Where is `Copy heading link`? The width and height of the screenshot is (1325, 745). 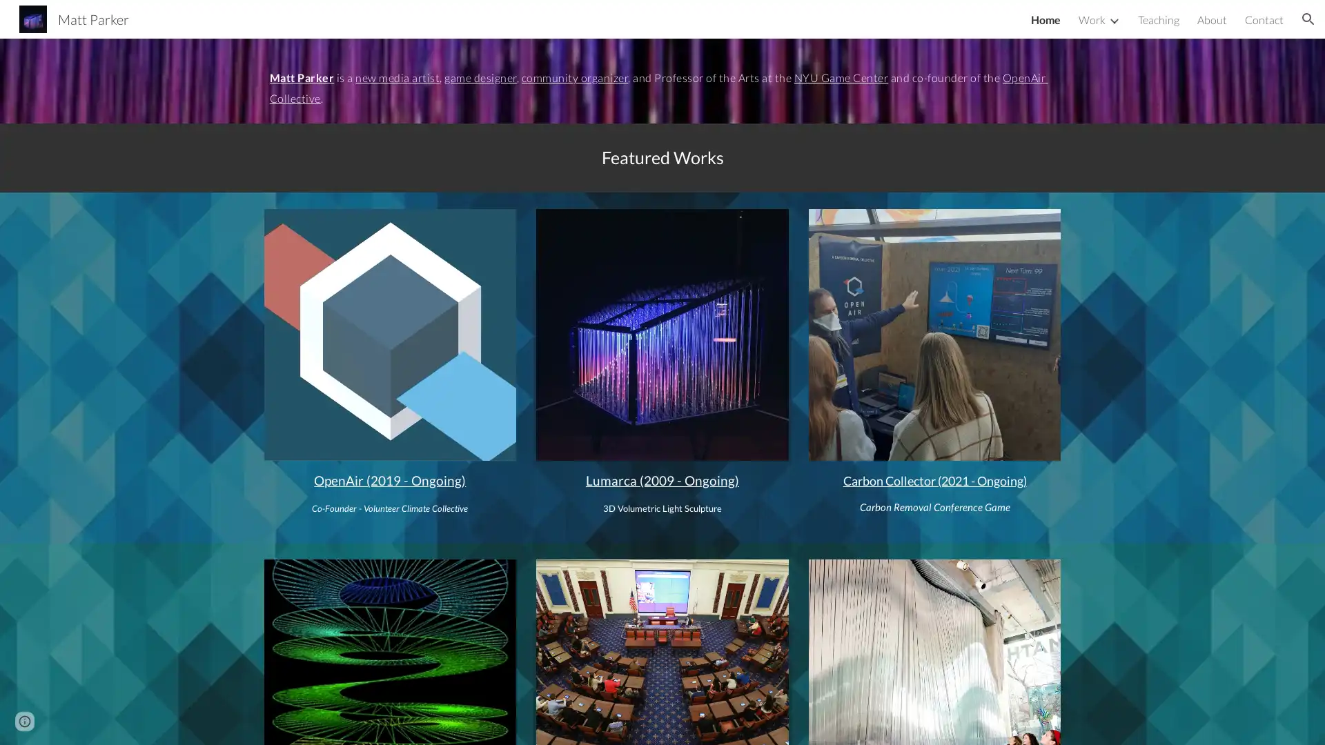
Copy heading link is located at coordinates (1070, 80).